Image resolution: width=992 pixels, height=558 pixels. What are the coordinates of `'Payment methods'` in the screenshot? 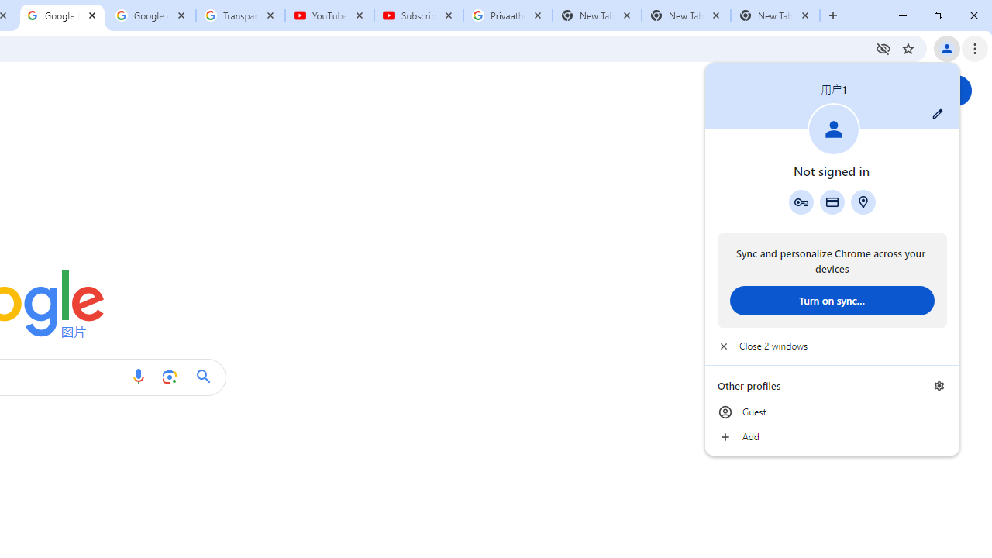 It's located at (832, 201).